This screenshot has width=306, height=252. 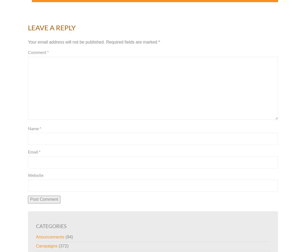 What do you see at coordinates (51, 226) in the screenshot?
I see `'Categories'` at bounding box center [51, 226].